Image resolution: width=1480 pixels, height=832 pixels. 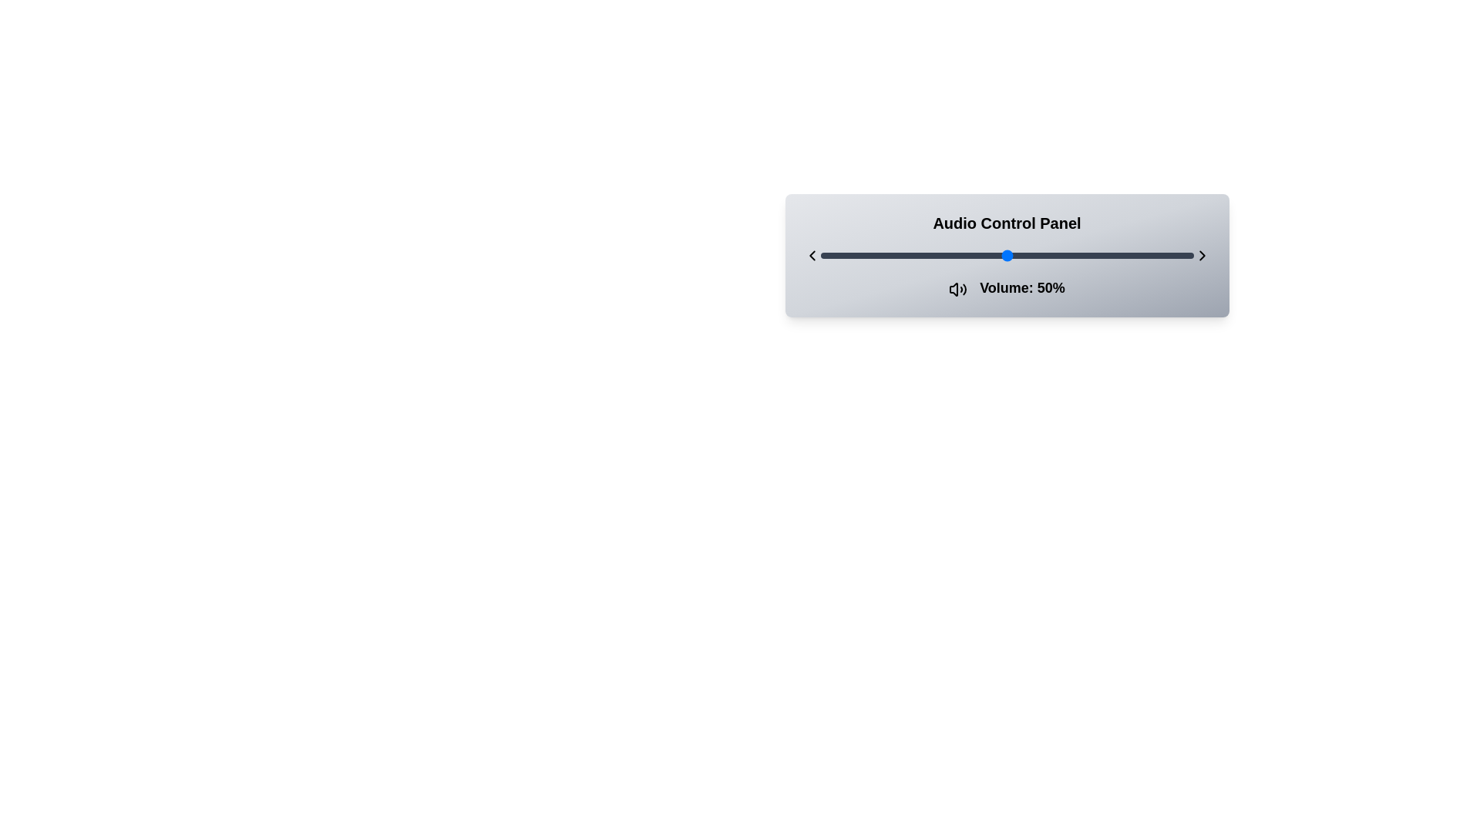 What do you see at coordinates (873, 254) in the screenshot?
I see `the volume` at bounding box center [873, 254].